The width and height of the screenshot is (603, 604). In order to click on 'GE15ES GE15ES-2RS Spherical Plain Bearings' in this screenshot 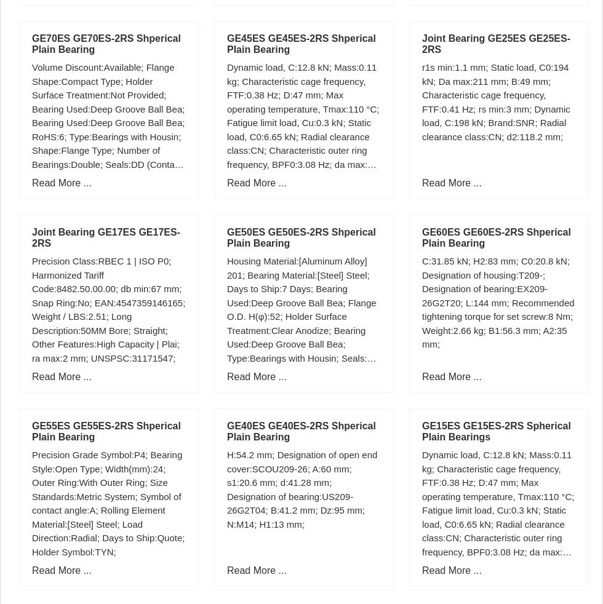, I will do `click(496, 431)`.